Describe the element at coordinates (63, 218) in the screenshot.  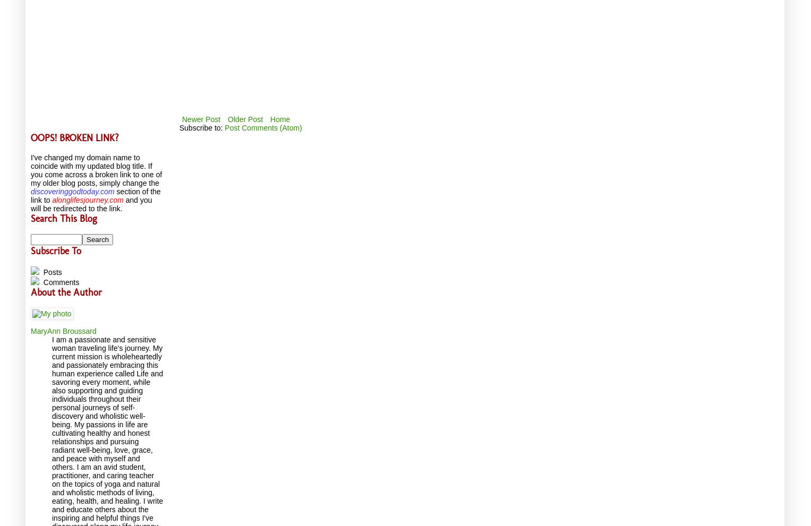
I see `'Search This Blog'` at that location.